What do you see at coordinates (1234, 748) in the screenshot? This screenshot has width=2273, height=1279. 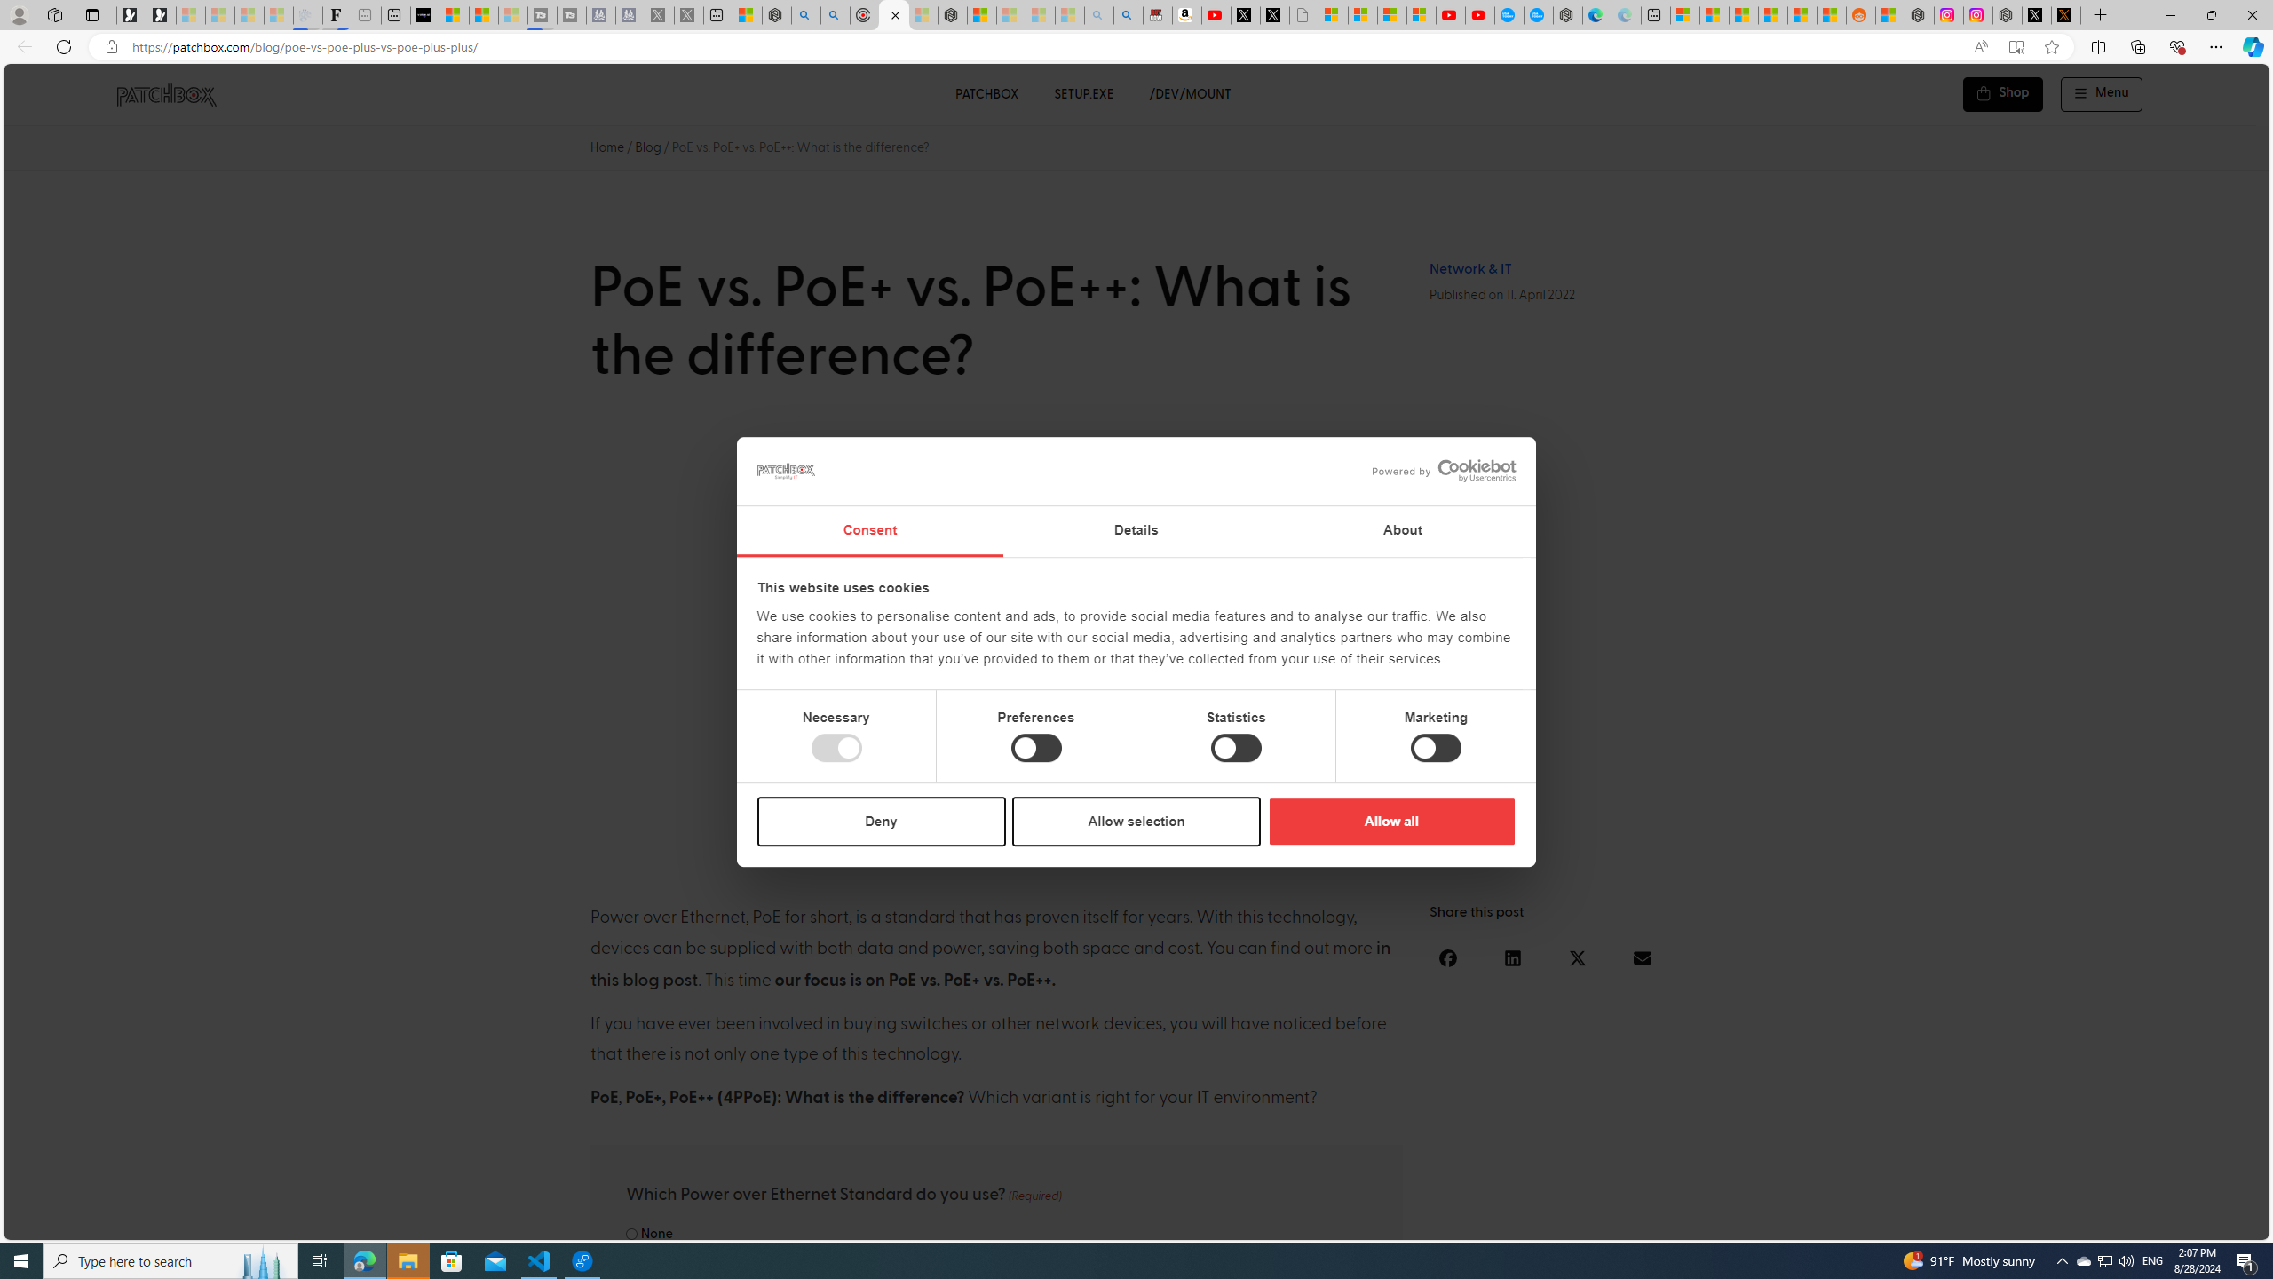 I see `'Statistics'` at bounding box center [1234, 748].